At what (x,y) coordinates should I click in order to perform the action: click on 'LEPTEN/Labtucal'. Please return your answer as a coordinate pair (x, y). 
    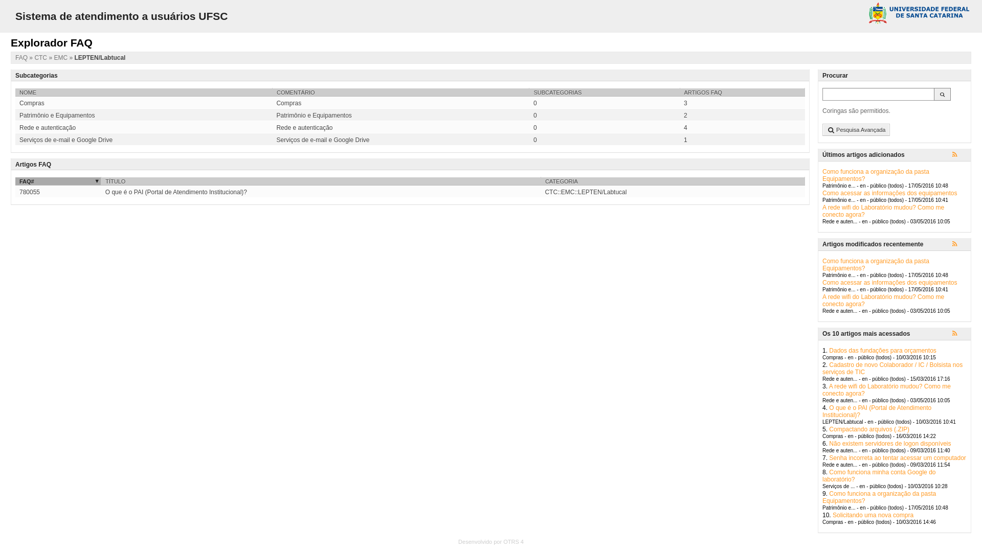
    Looking at the image, I should click on (100, 57).